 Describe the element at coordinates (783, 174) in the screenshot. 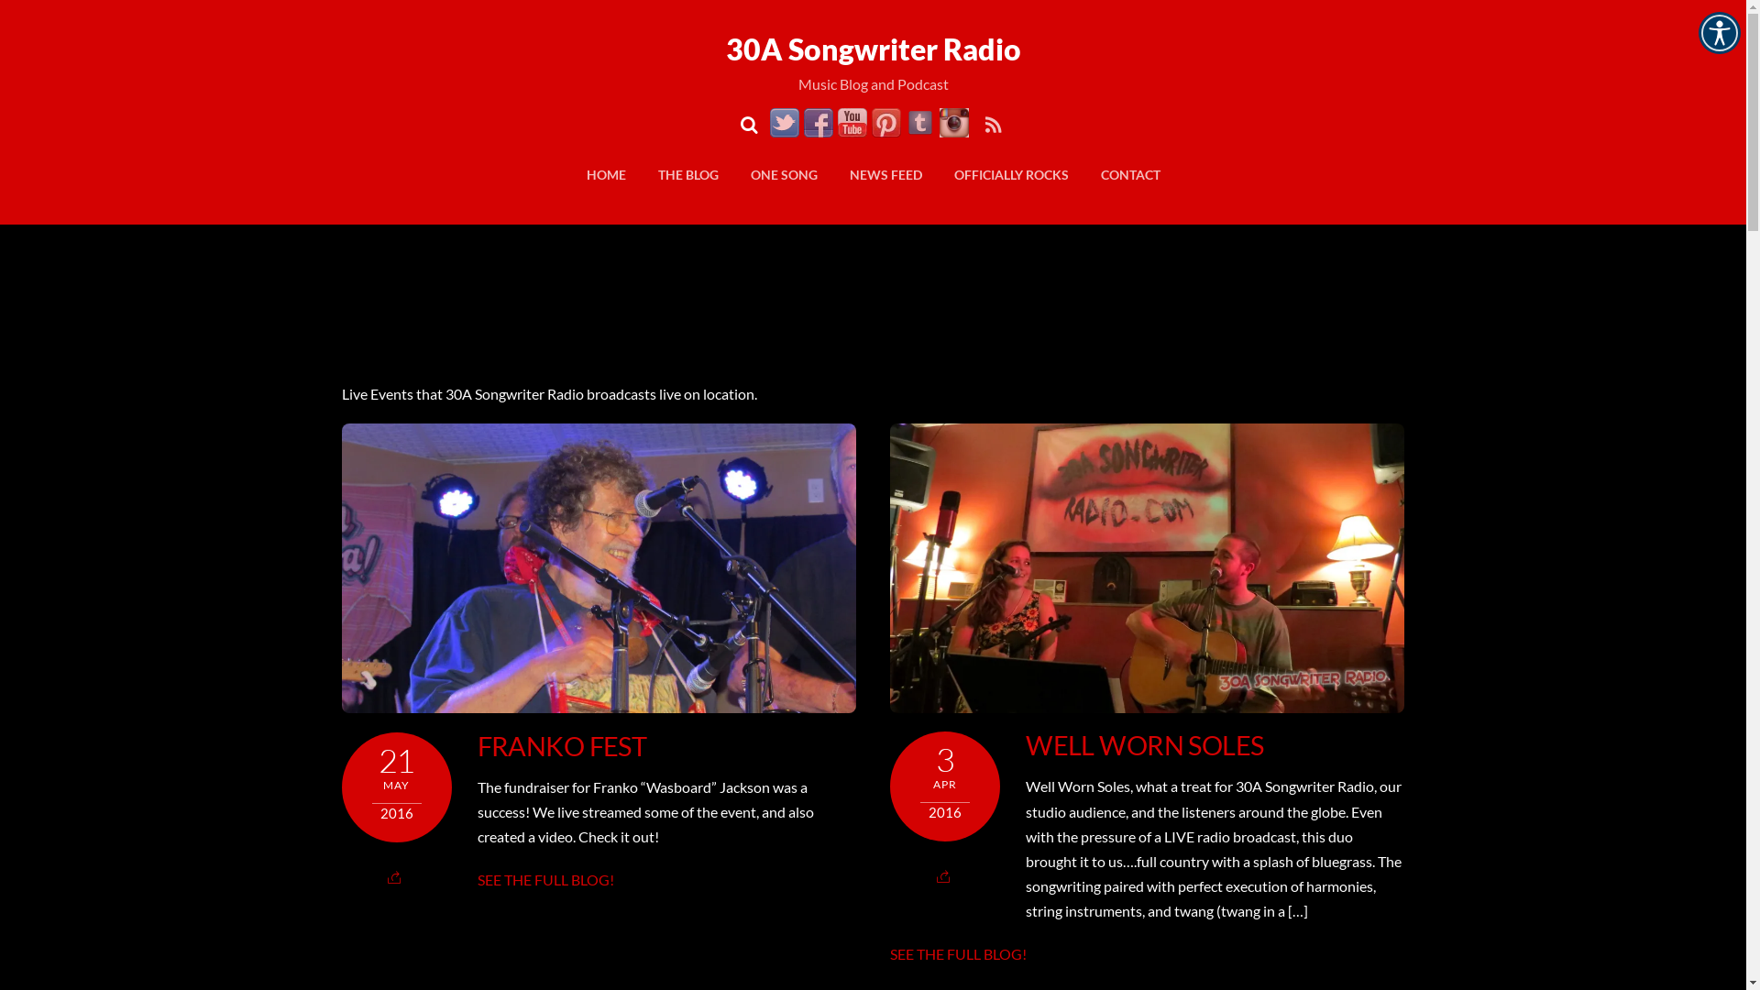

I see `'ONE SONG'` at that location.